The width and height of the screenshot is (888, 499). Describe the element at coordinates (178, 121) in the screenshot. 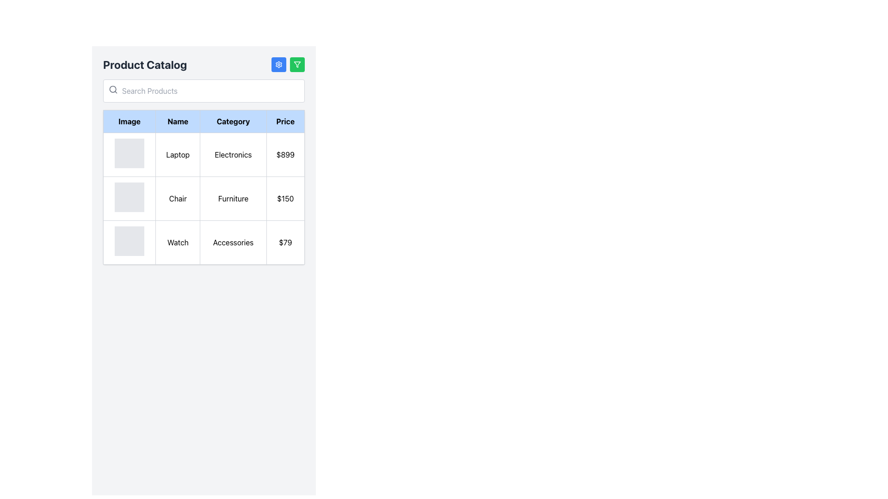

I see `the 'Name' column header cell` at that location.